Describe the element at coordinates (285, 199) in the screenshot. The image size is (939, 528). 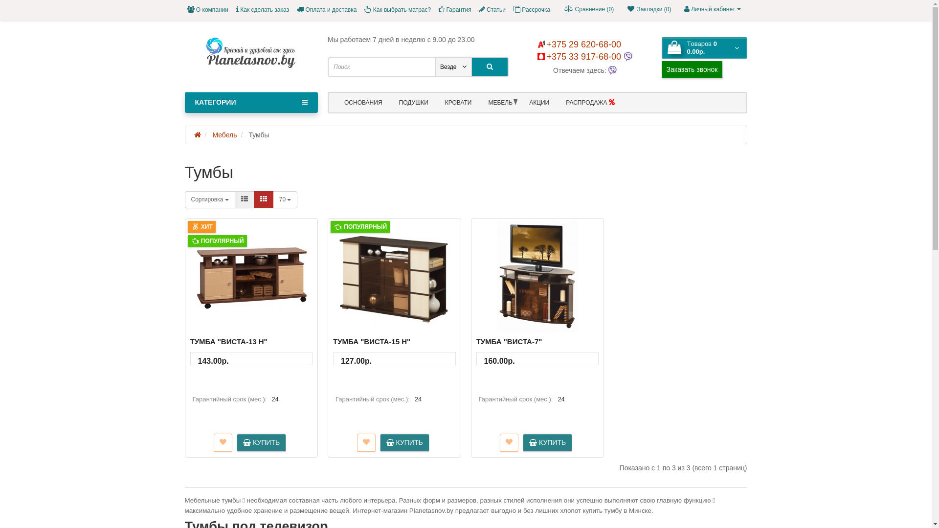
I see `'70'` at that location.